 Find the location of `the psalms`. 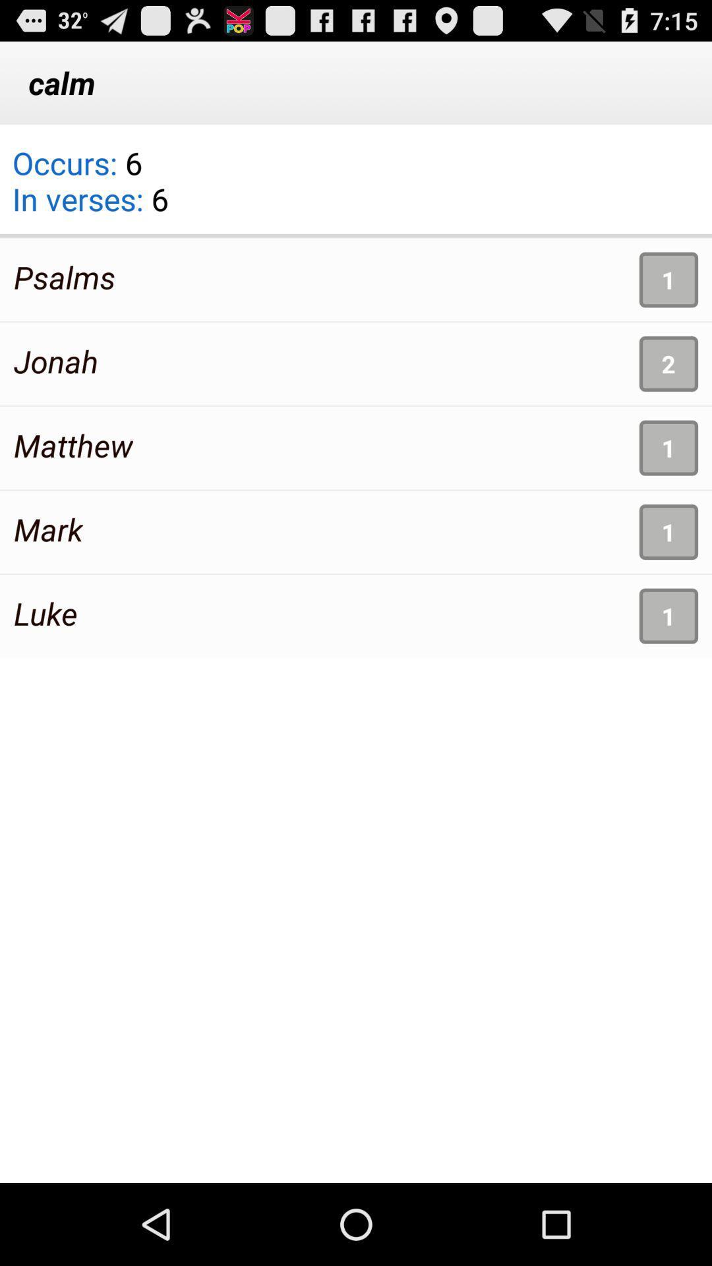

the psalms is located at coordinates (65, 276).